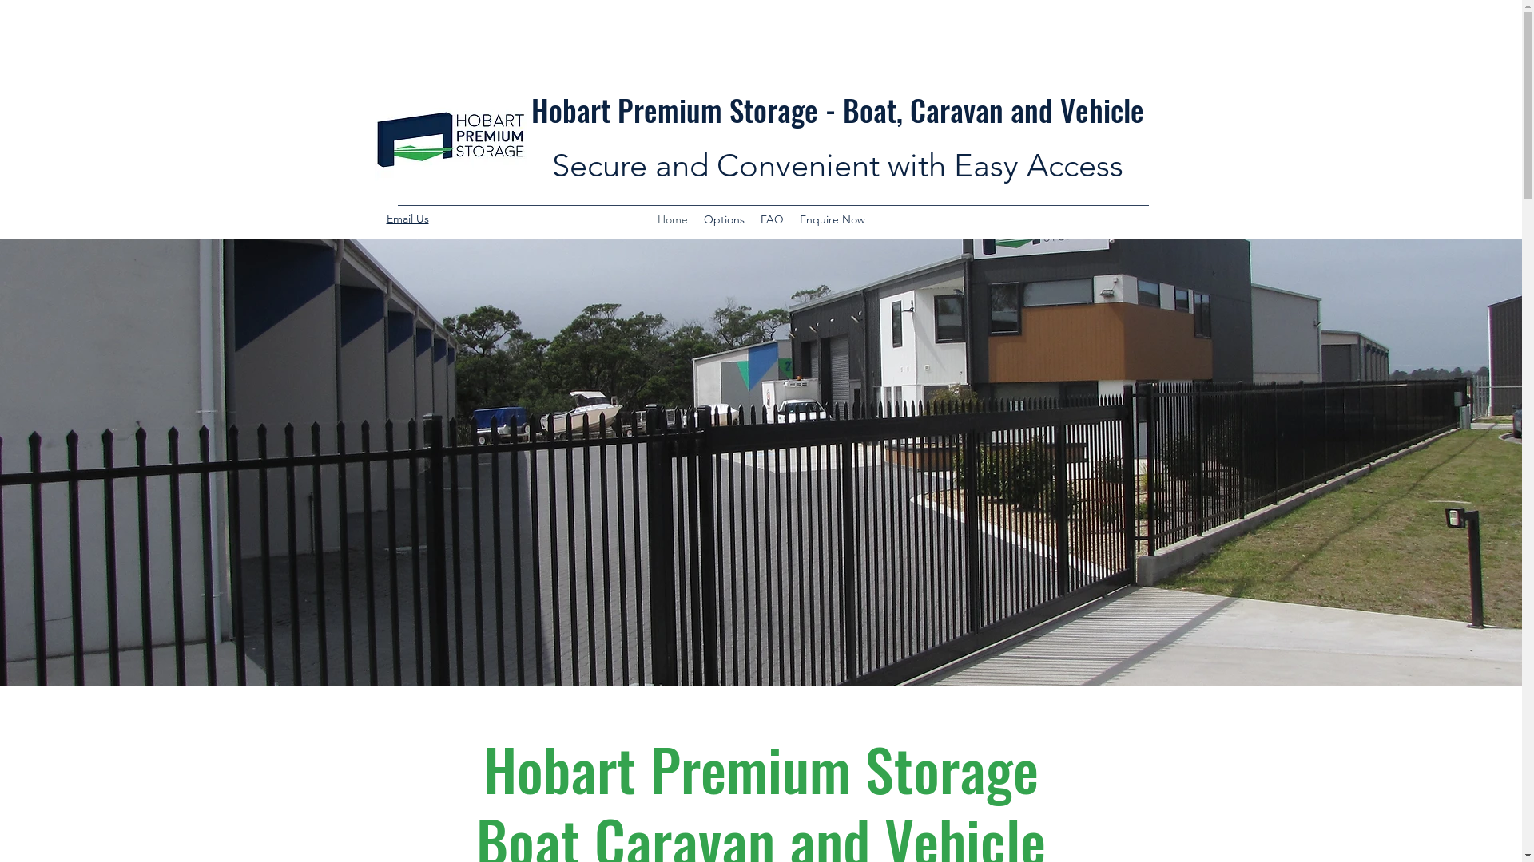 This screenshot has width=1534, height=862. What do you see at coordinates (831, 219) in the screenshot?
I see `'Enquire Now'` at bounding box center [831, 219].